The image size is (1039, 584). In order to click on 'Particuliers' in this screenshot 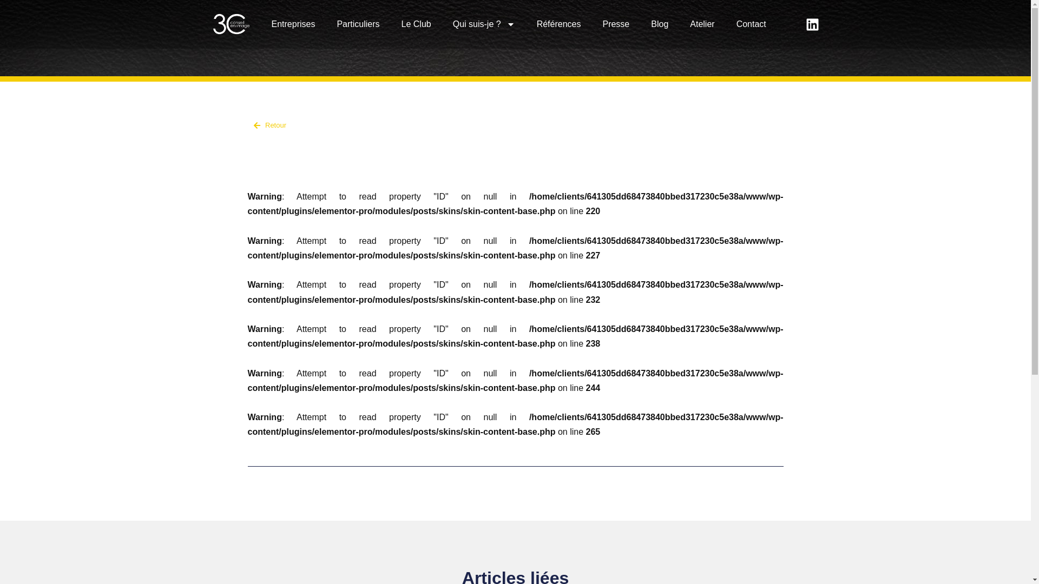, I will do `click(325, 24)`.